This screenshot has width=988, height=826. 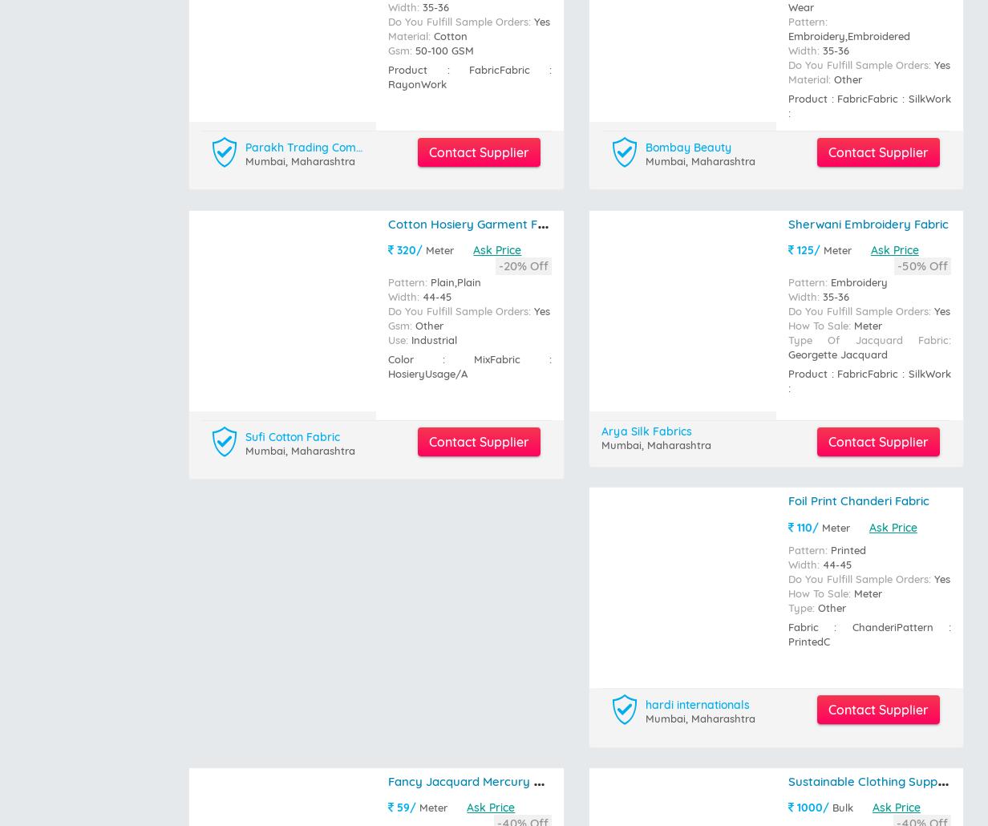 What do you see at coordinates (701, 342) in the screenshot?
I see `'Jay Mata Di Creation'` at bounding box center [701, 342].